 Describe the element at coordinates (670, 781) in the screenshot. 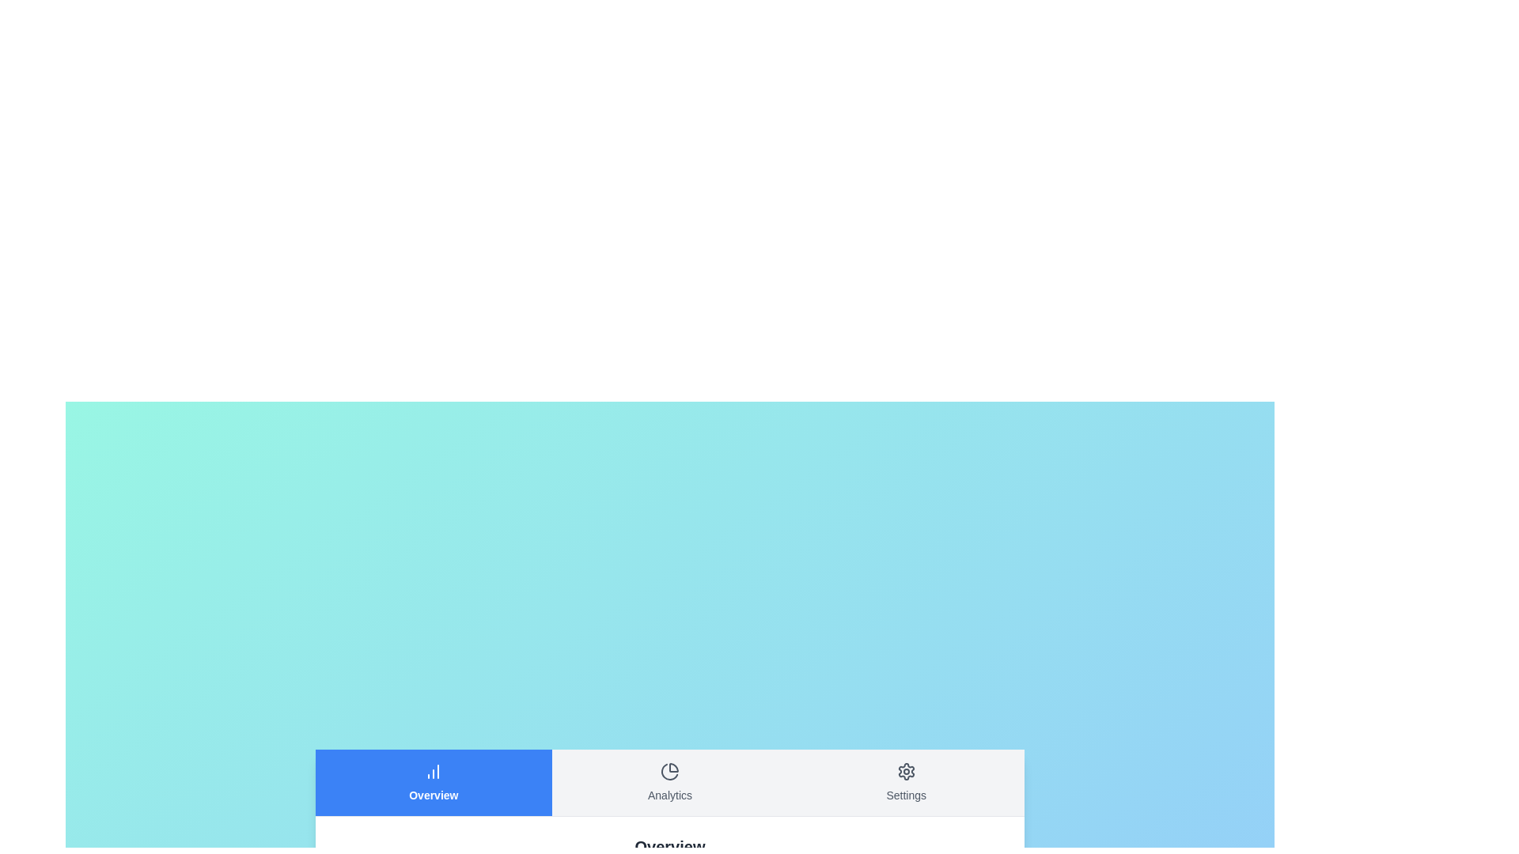

I see `the Analytics tab` at that location.